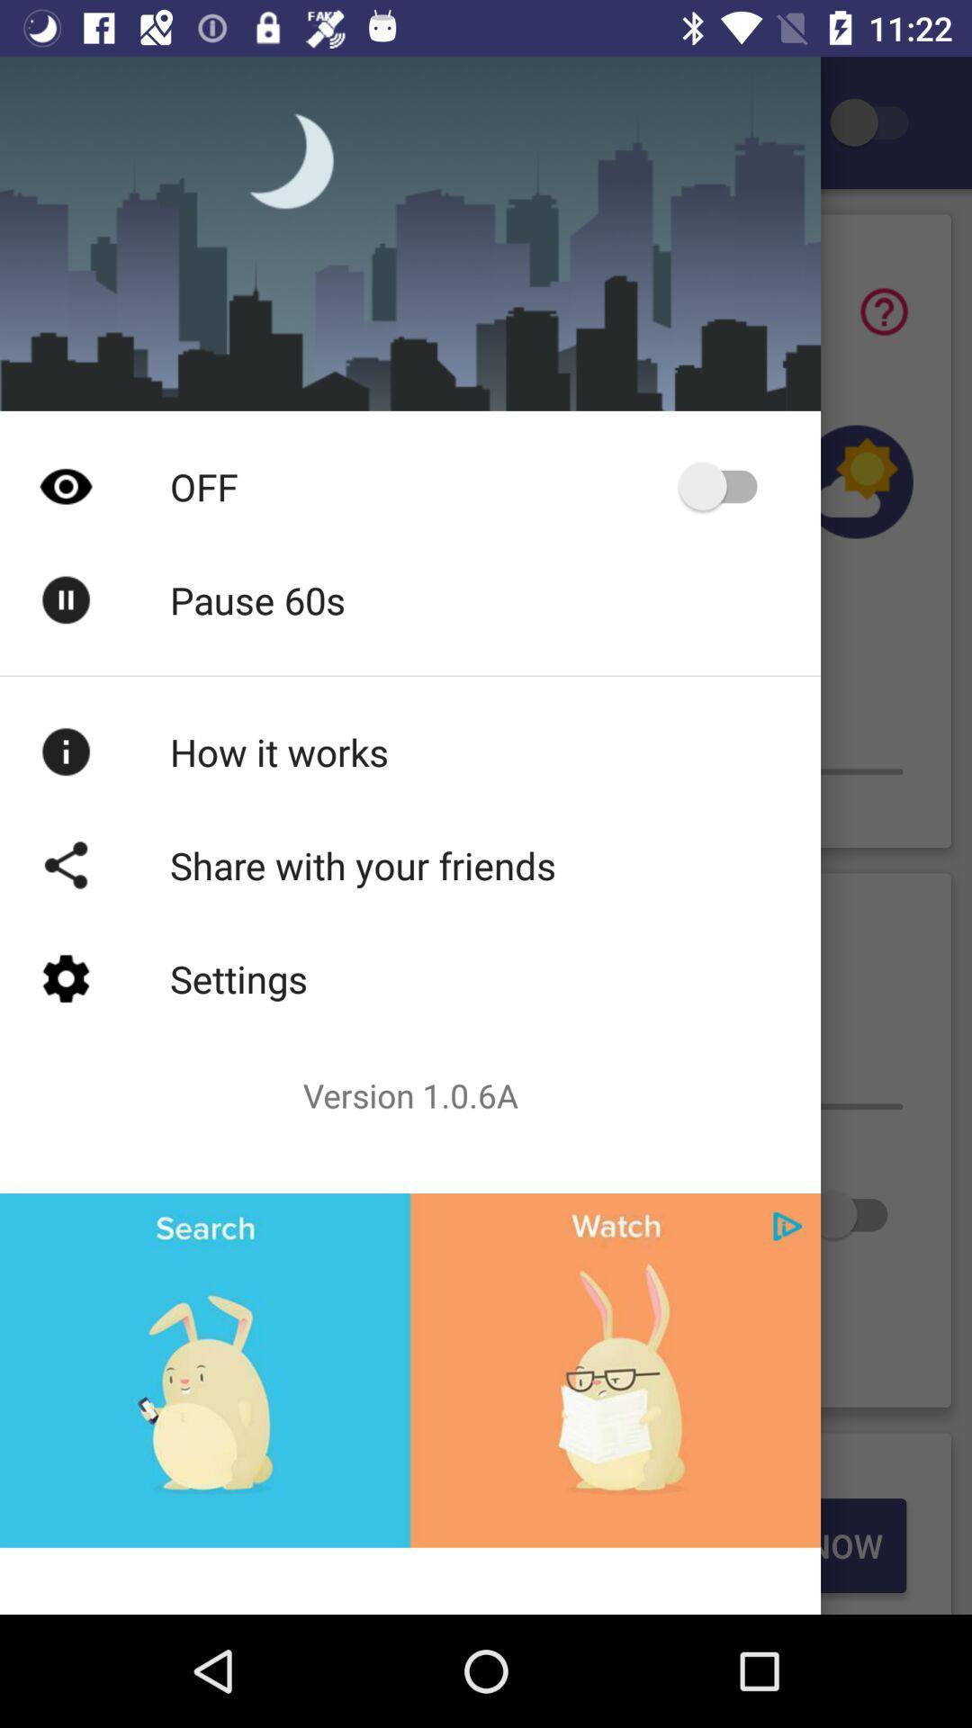 This screenshot has height=1728, width=972. I want to click on off button, so click(725, 486).